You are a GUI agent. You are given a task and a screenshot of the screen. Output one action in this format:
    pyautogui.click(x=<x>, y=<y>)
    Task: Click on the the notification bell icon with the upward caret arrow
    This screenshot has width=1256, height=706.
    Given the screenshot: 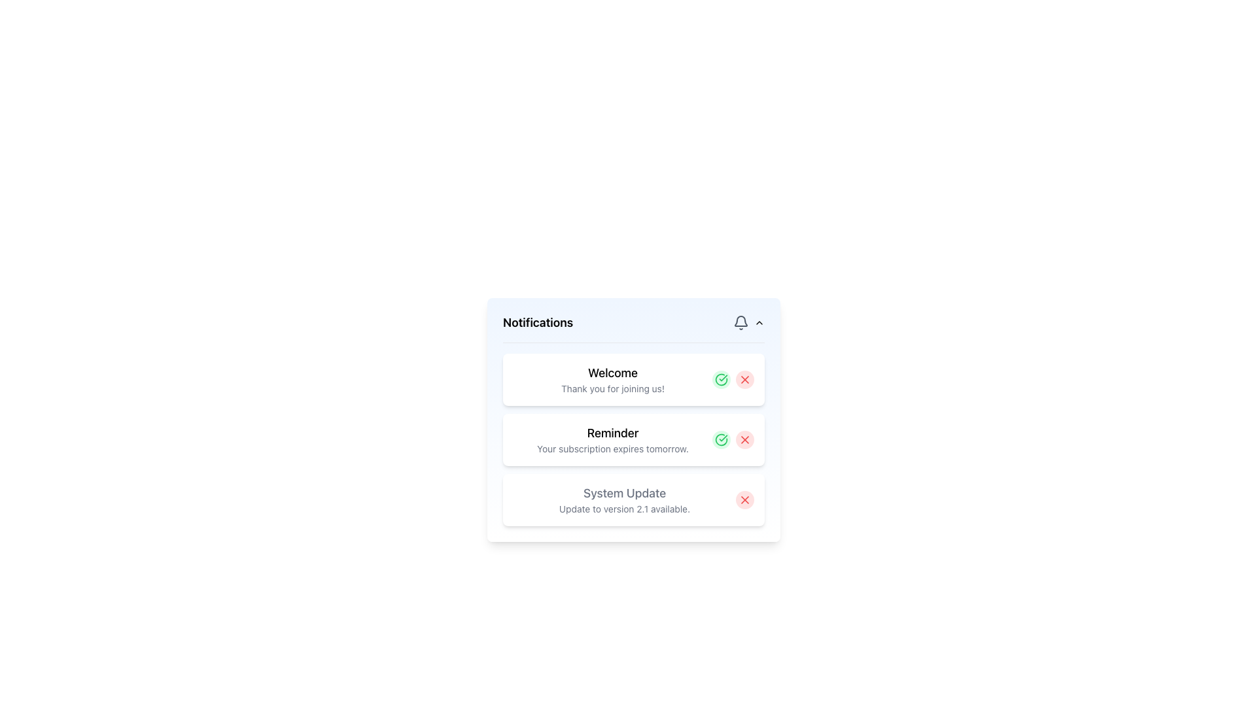 What is the action you would take?
    pyautogui.click(x=749, y=322)
    